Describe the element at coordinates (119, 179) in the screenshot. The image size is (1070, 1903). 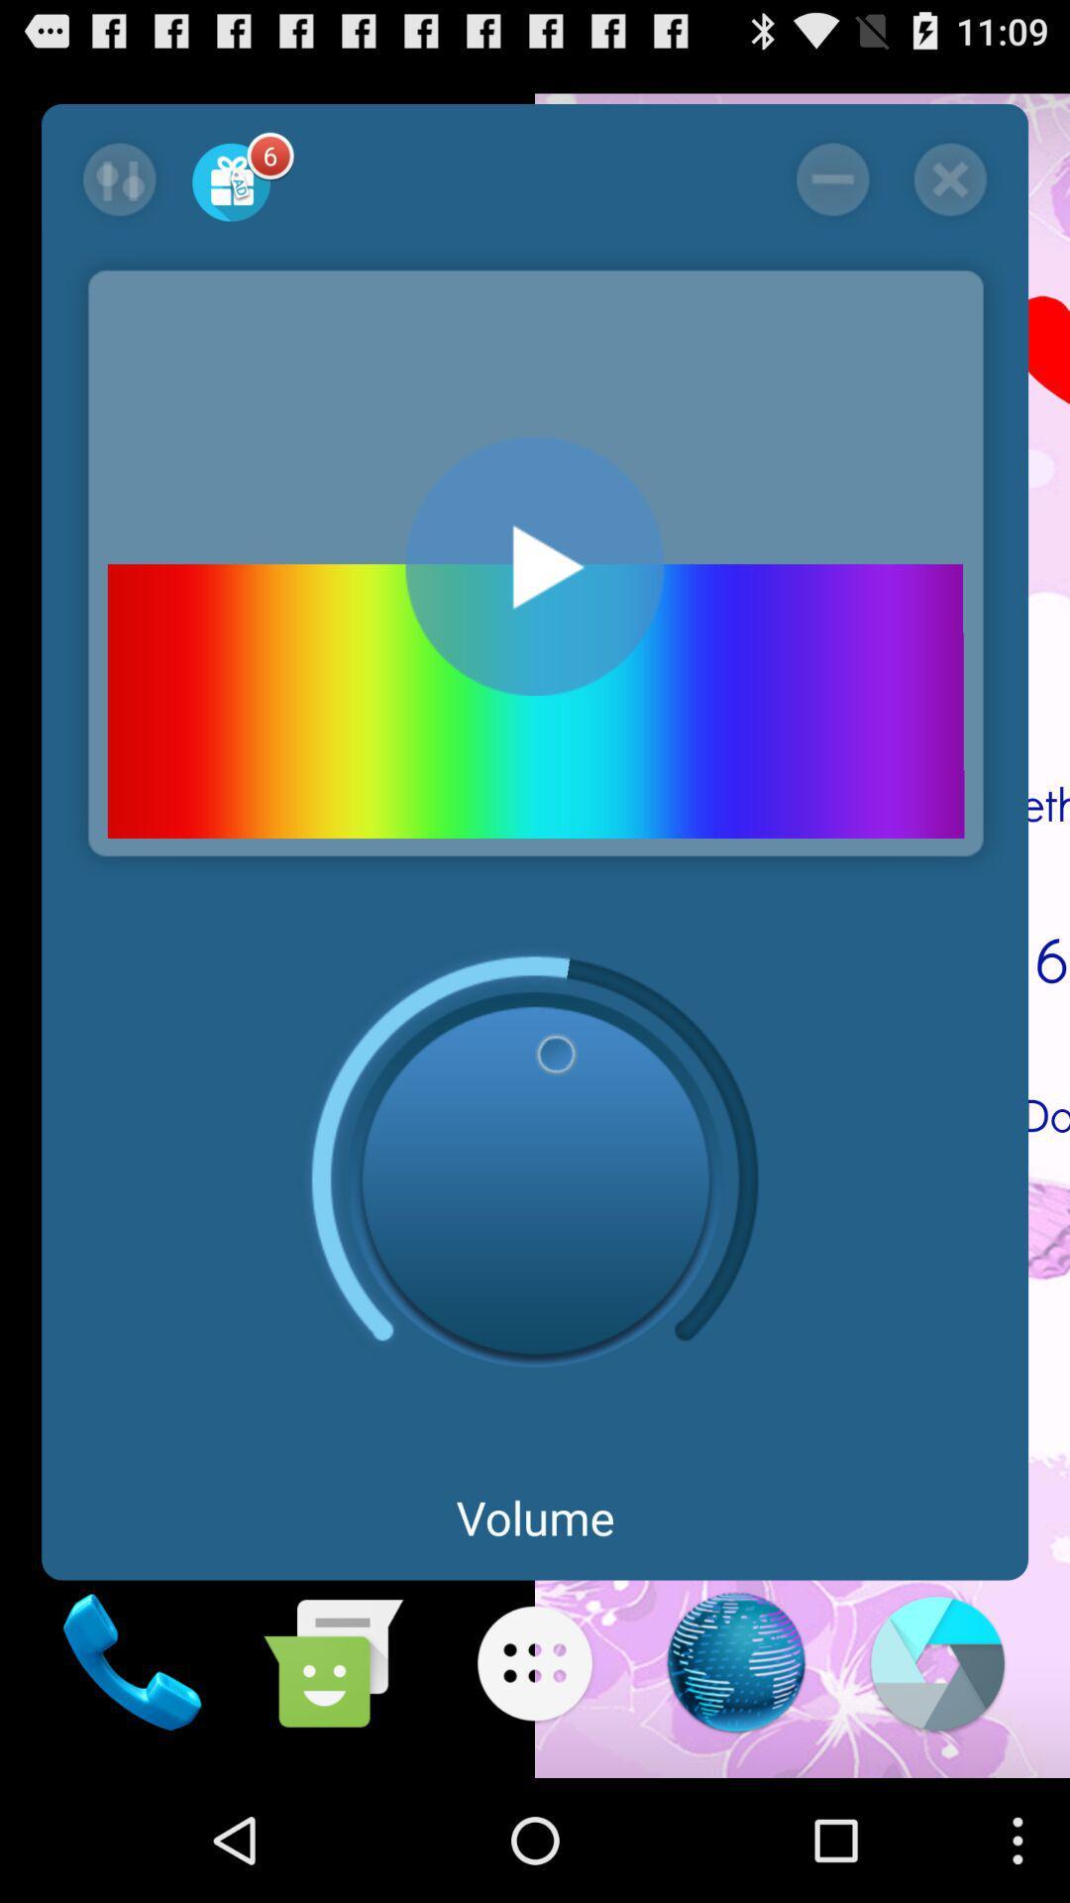
I see `adjust settings` at that location.